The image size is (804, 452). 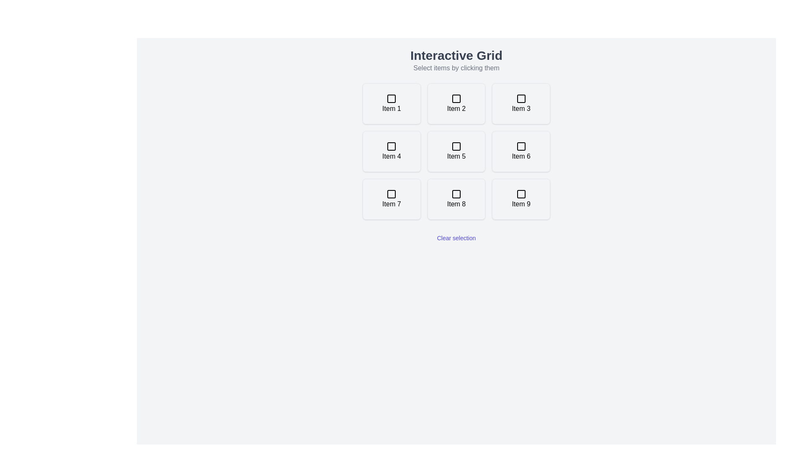 I want to click on the text label that serves as the title for the interactive grid interface, located above the text 'Select items by clicking them', so click(x=456, y=55).